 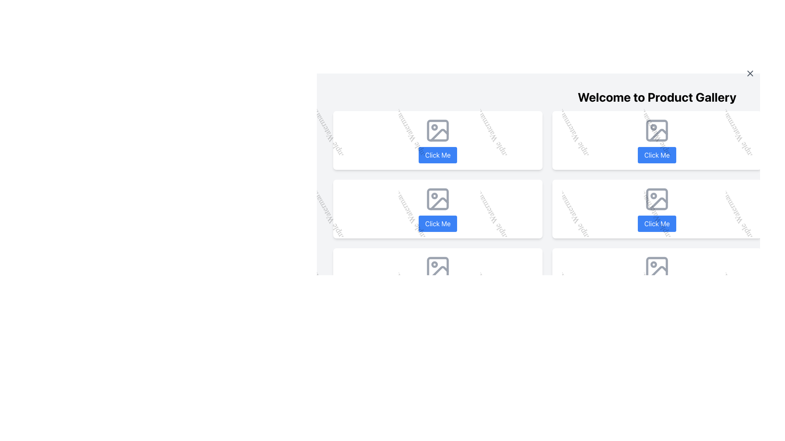 I want to click on the rectangular button labeled 'Click Me' with a blue background, so click(x=657, y=223).